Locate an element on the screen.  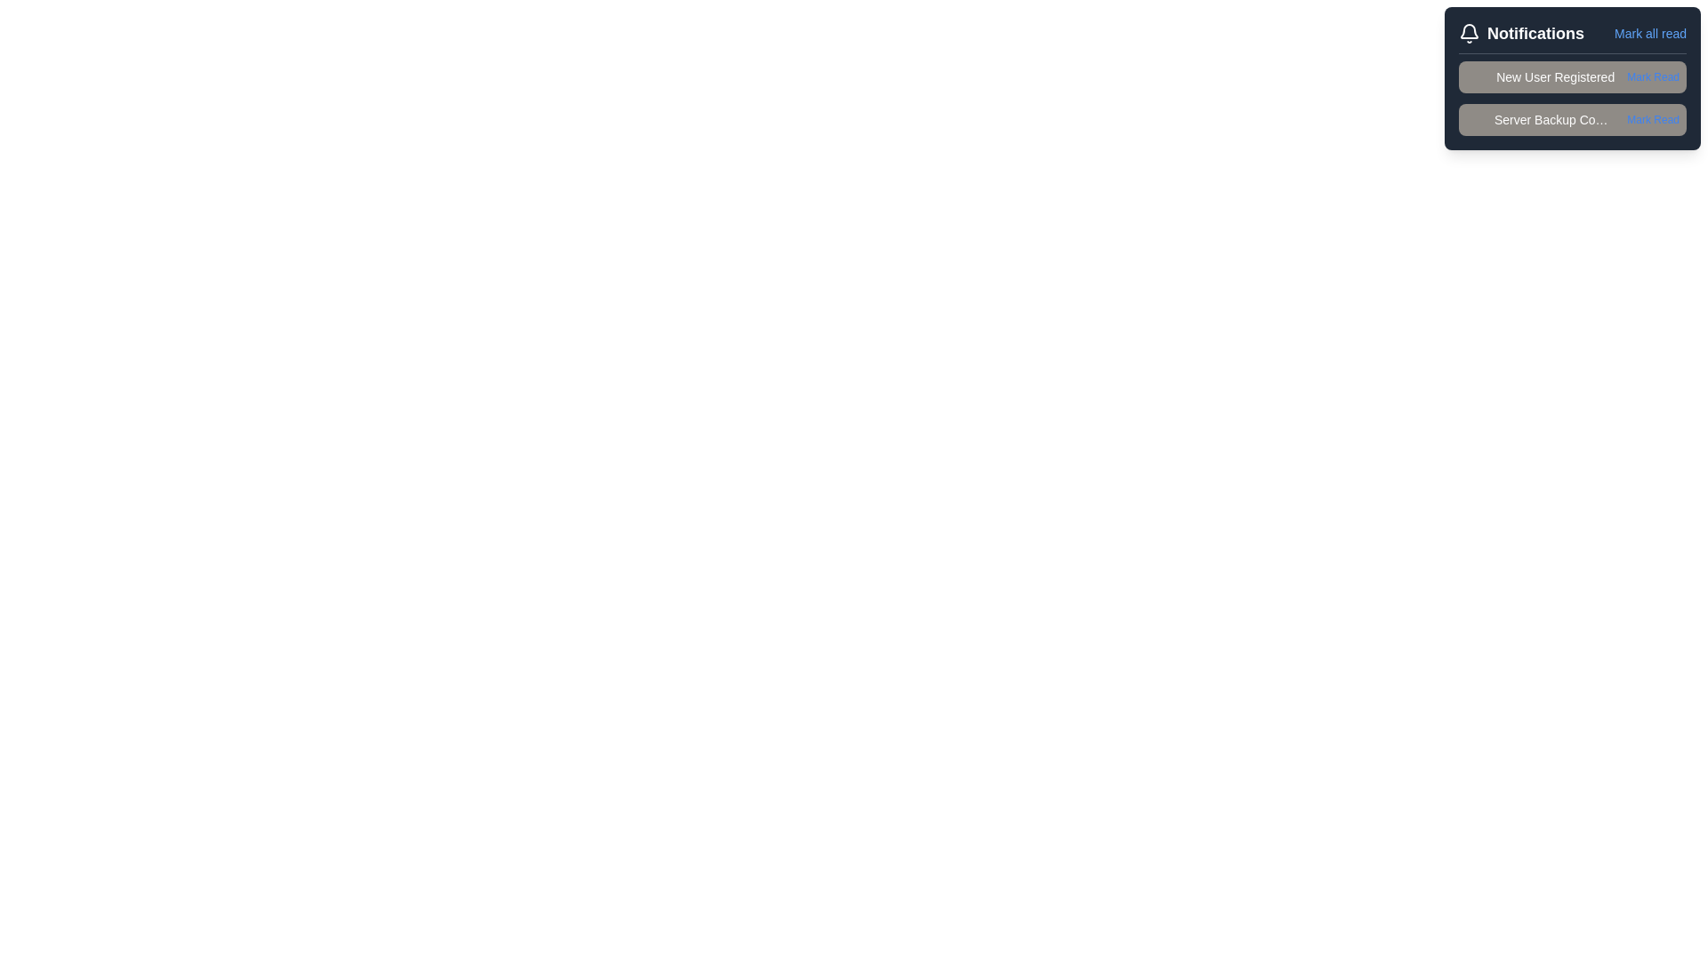
the 'Mark all as read' button located in the top-right corner of the notifications header is located at coordinates (1649, 34).